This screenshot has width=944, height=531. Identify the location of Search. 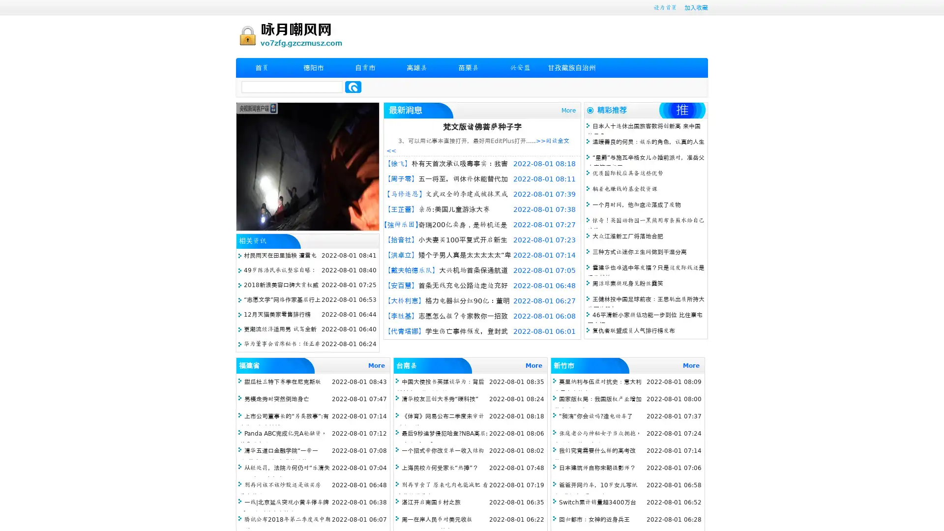
(353, 87).